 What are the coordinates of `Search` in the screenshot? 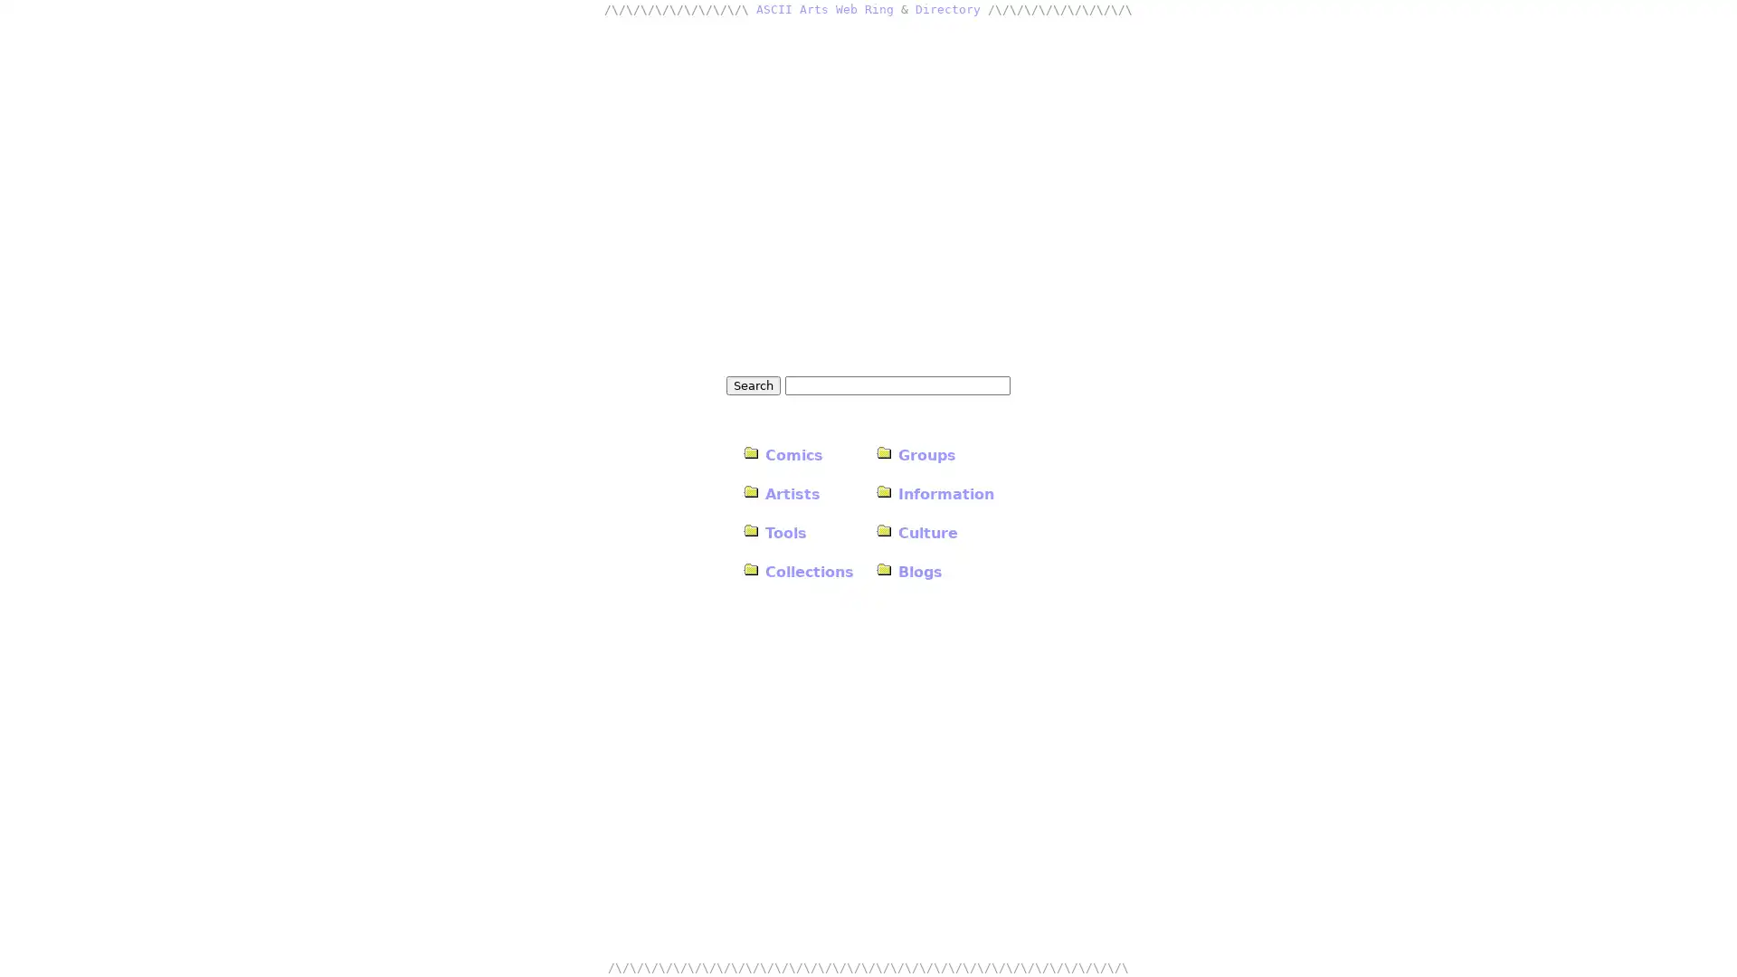 It's located at (754, 384).